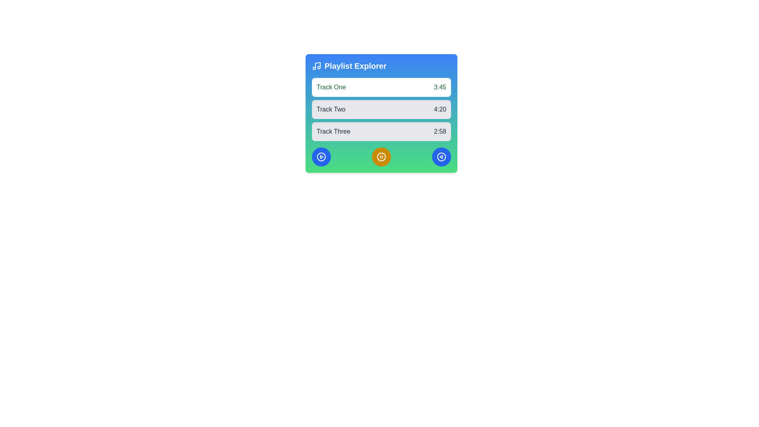 Image resolution: width=759 pixels, height=427 pixels. What do you see at coordinates (441, 157) in the screenshot?
I see `the Circle SVG element, which is part of the circular play button icon located in the bottom-left corner of the blue button interface` at bounding box center [441, 157].